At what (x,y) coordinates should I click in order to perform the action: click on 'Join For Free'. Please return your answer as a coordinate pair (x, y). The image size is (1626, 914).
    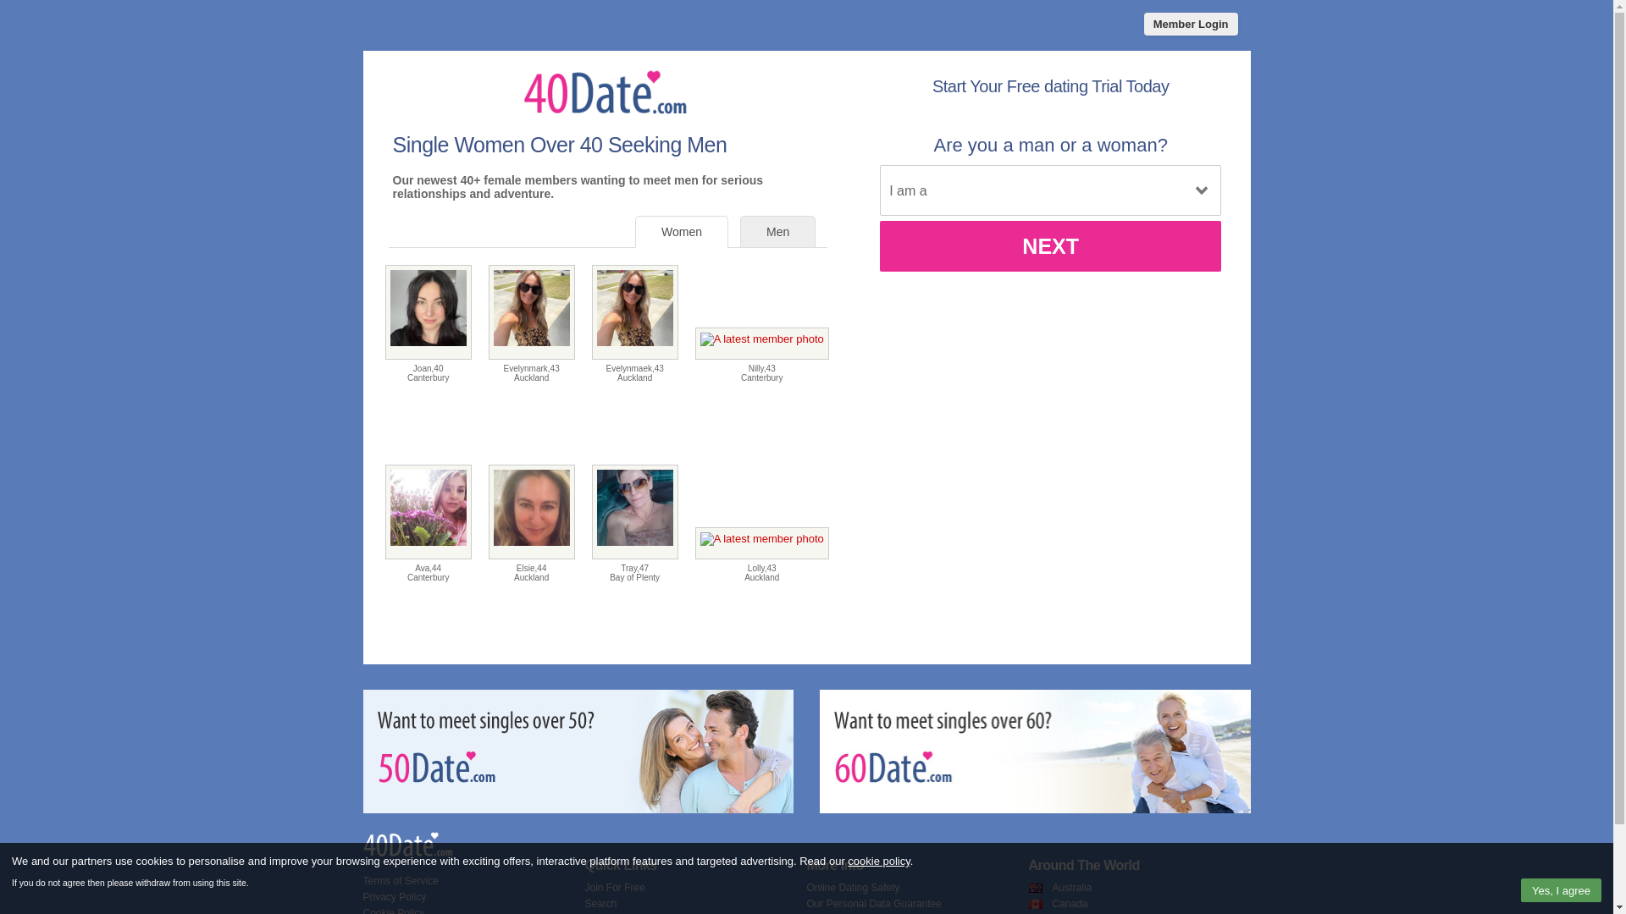
    Looking at the image, I should click on (584, 887).